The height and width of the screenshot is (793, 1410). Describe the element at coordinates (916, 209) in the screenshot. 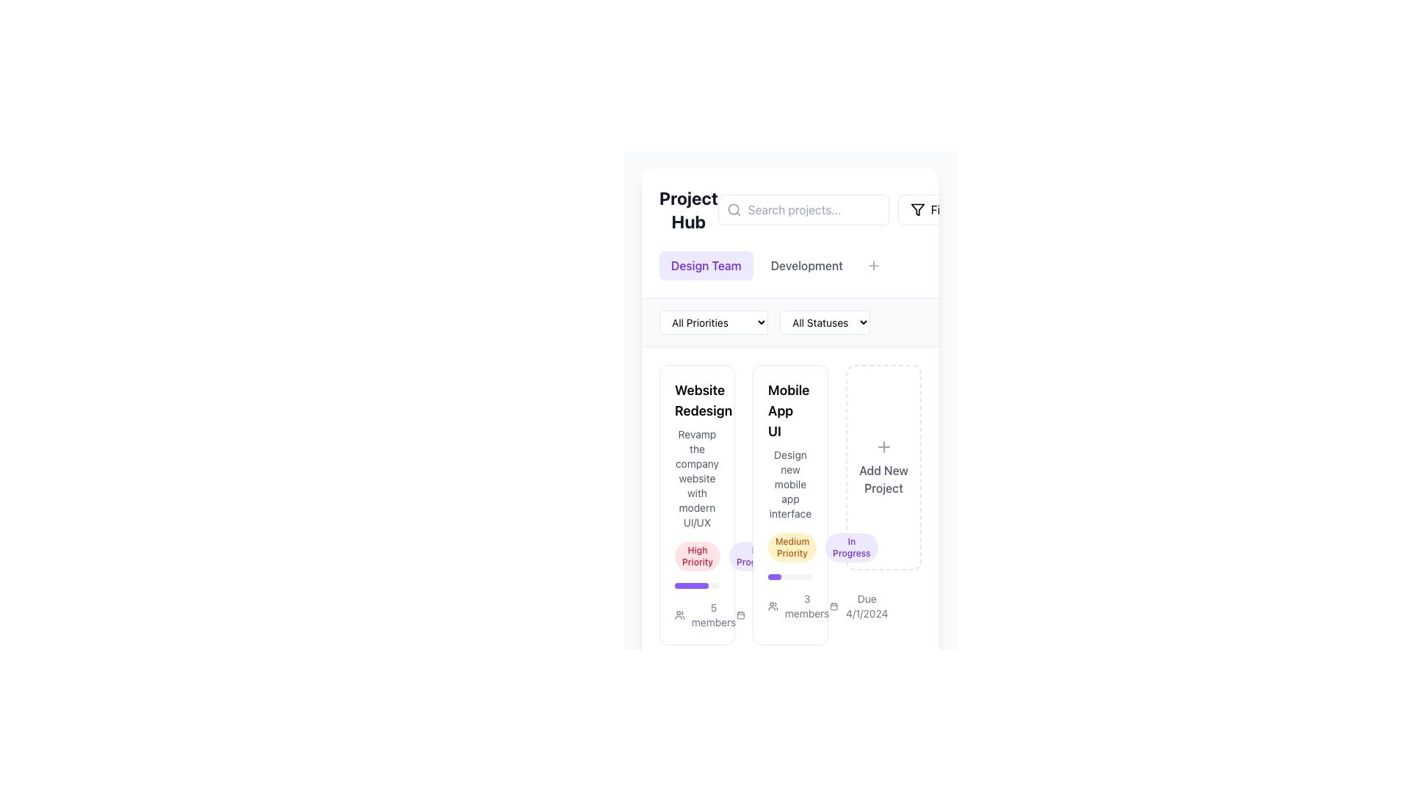

I see `the funnel-shaped filter icon located in the top-right corner of the interface` at that location.